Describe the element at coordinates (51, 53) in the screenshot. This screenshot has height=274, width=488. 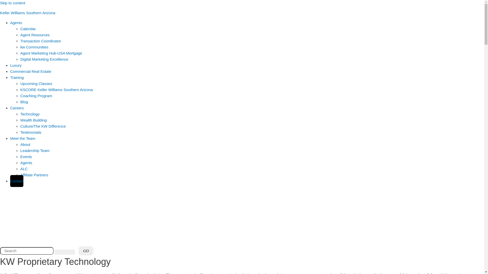
I see `'Agent Marketing Hub-USA Mortgage'` at that location.